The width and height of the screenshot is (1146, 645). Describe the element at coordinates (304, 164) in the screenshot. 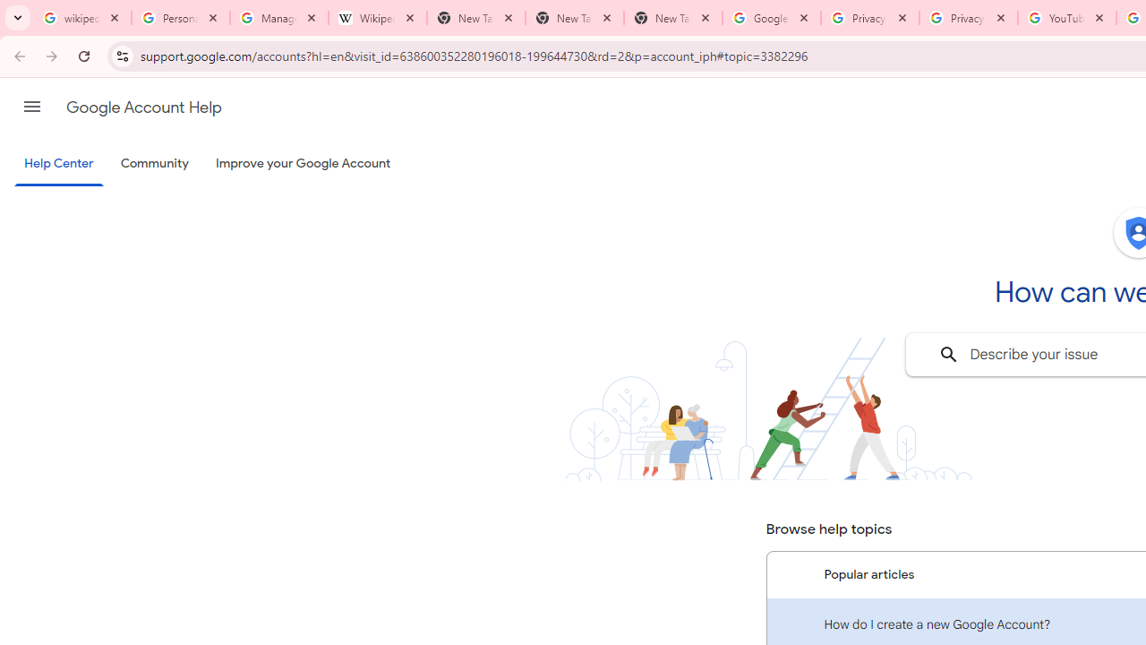

I see `'Improve your Google Account'` at that location.